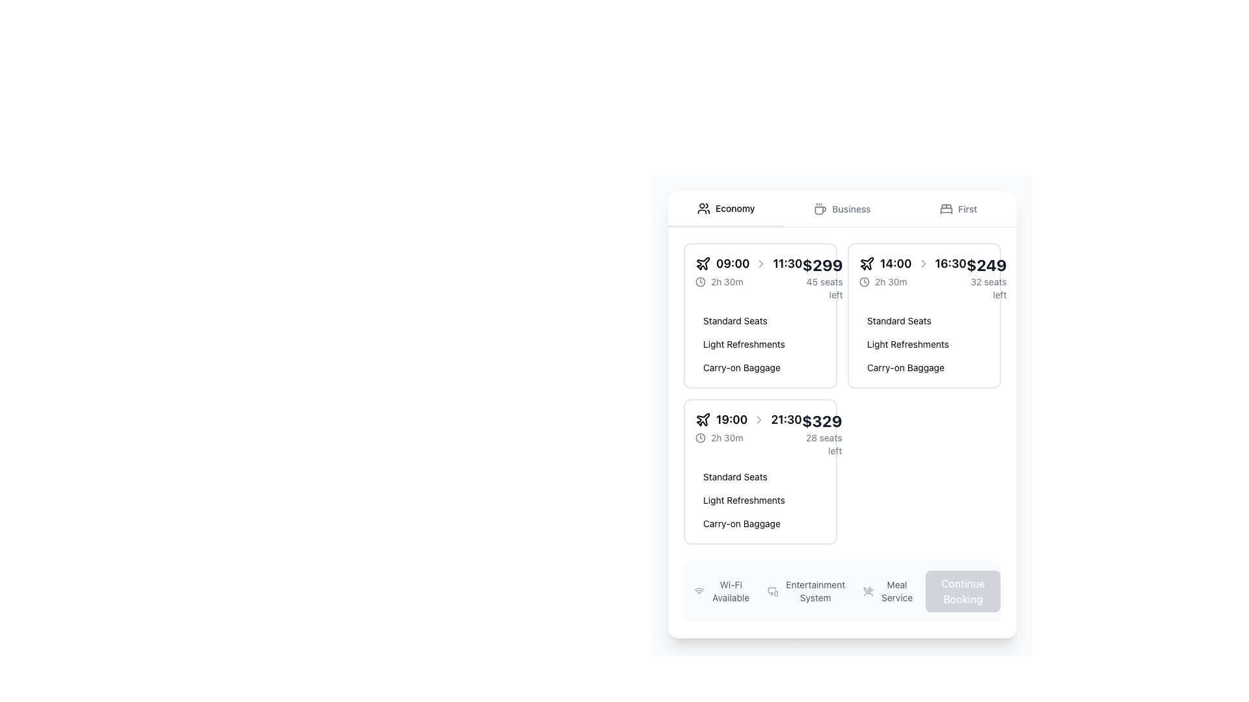 The width and height of the screenshot is (1249, 702). Describe the element at coordinates (703, 263) in the screenshot. I see `the small plane-shaped icon outlined in black` at that location.